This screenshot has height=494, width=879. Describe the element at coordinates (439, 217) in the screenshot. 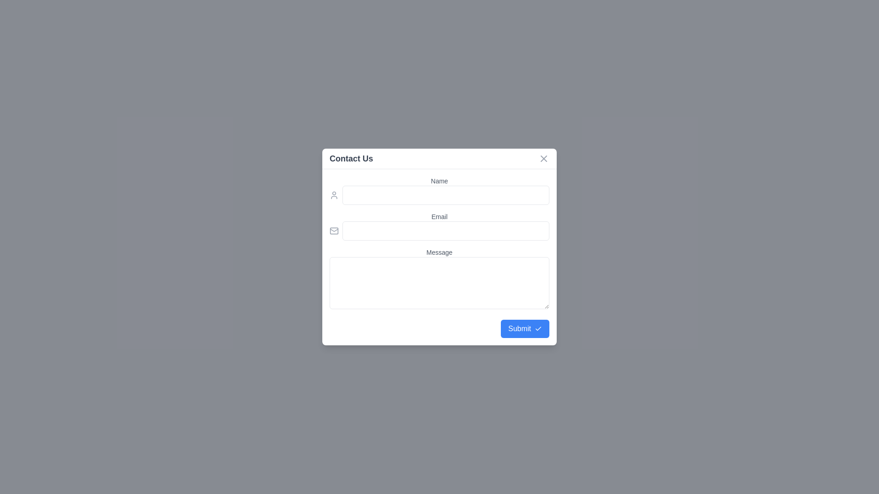

I see `label that serves as a textual description for the email input field, which is centered above it in the form section` at that location.